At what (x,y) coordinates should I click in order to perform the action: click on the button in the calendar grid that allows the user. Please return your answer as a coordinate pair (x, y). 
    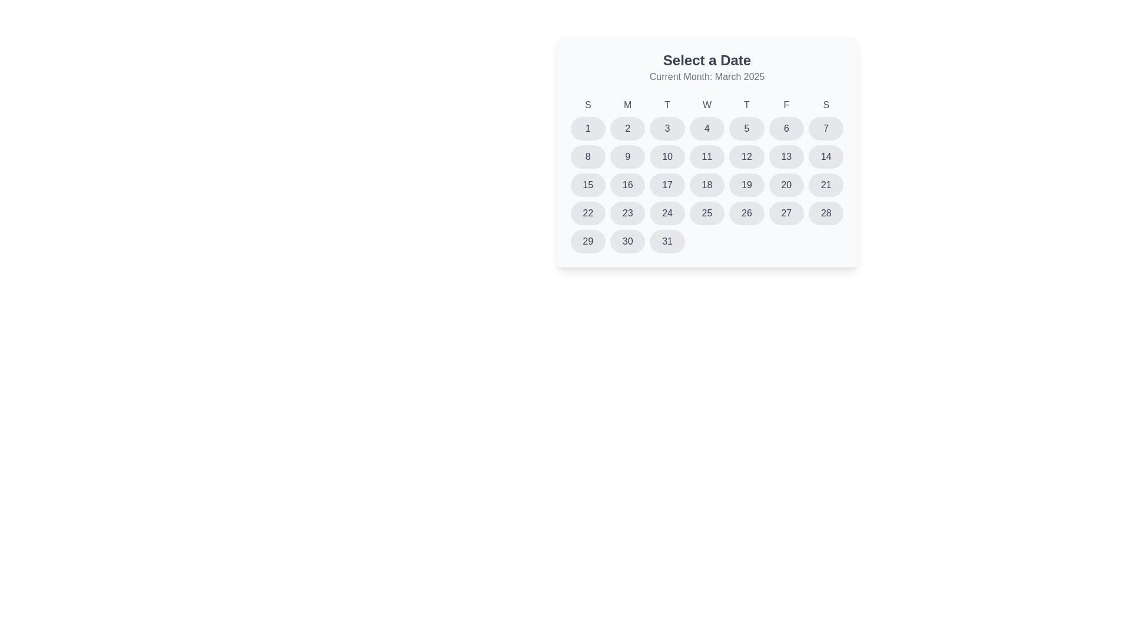
    Looking at the image, I should click on (667, 156).